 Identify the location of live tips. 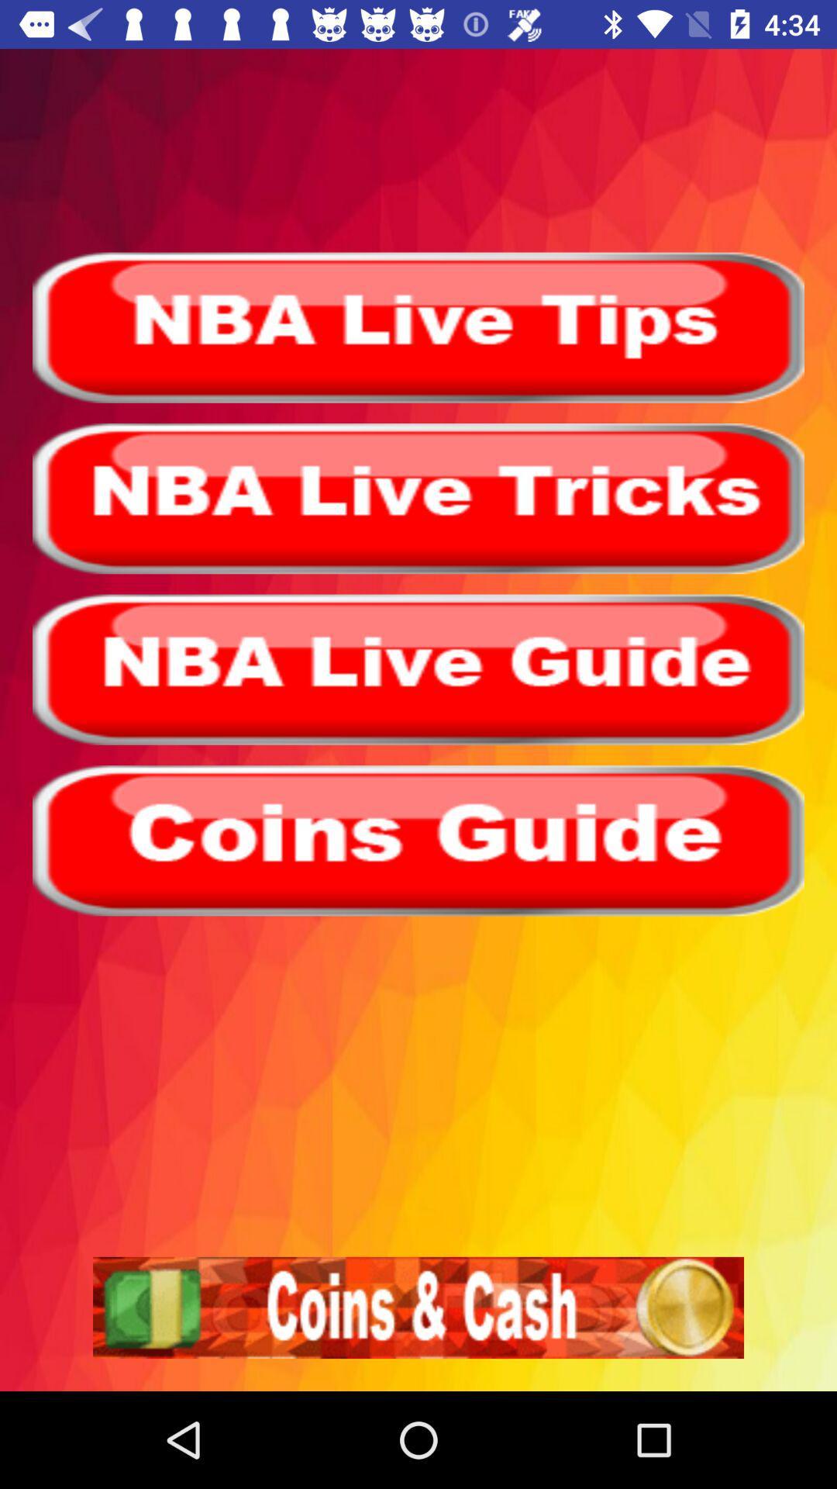
(418, 326).